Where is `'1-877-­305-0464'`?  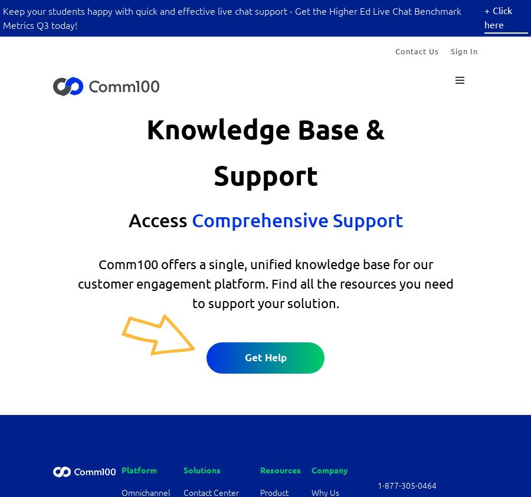
'1-877-­305-0464' is located at coordinates (407, 485).